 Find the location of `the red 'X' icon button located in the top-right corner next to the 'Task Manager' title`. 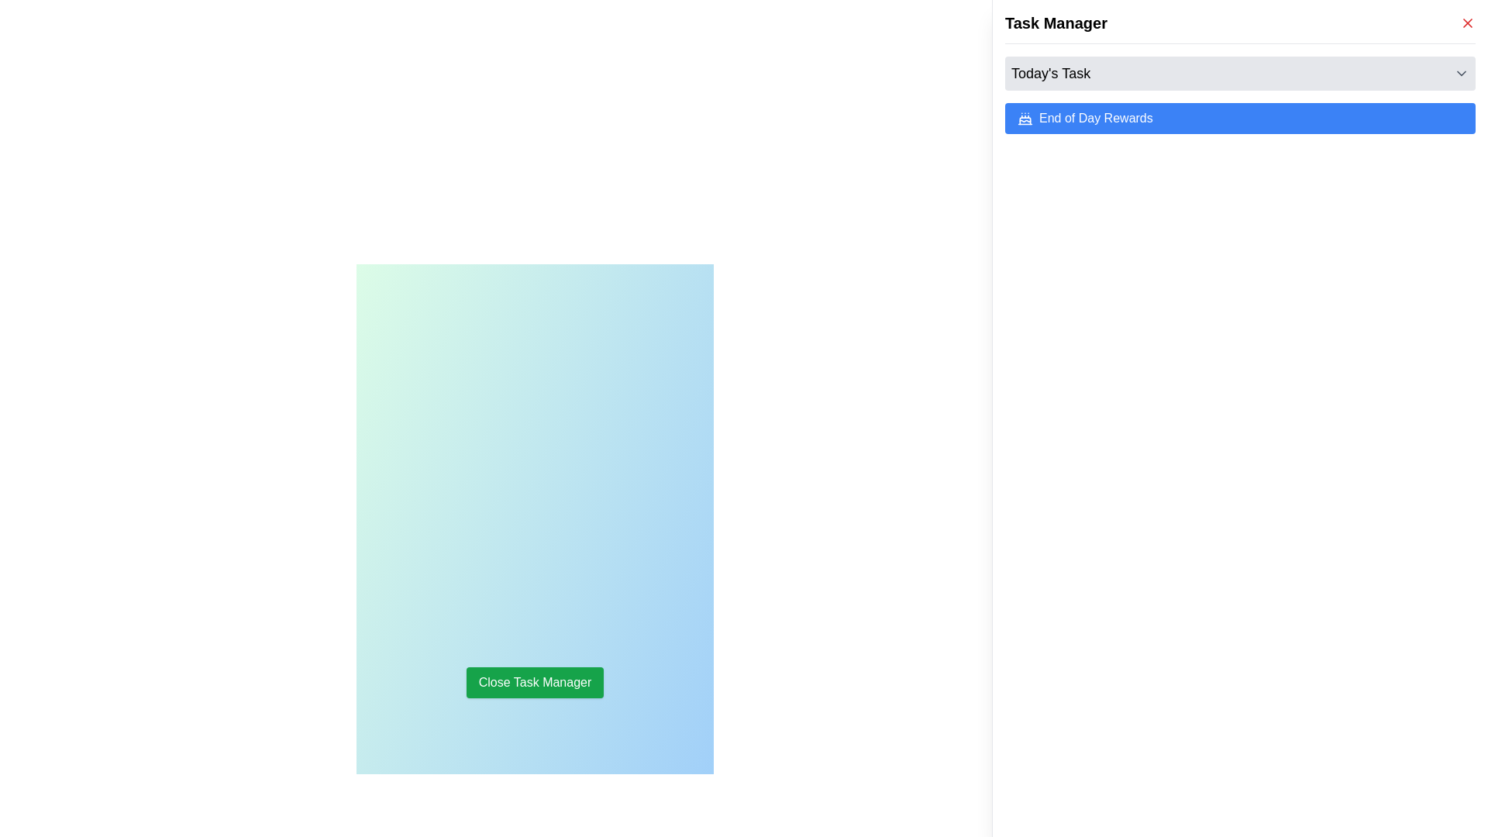

the red 'X' icon button located in the top-right corner next to the 'Task Manager' title is located at coordinates (1467, 23).